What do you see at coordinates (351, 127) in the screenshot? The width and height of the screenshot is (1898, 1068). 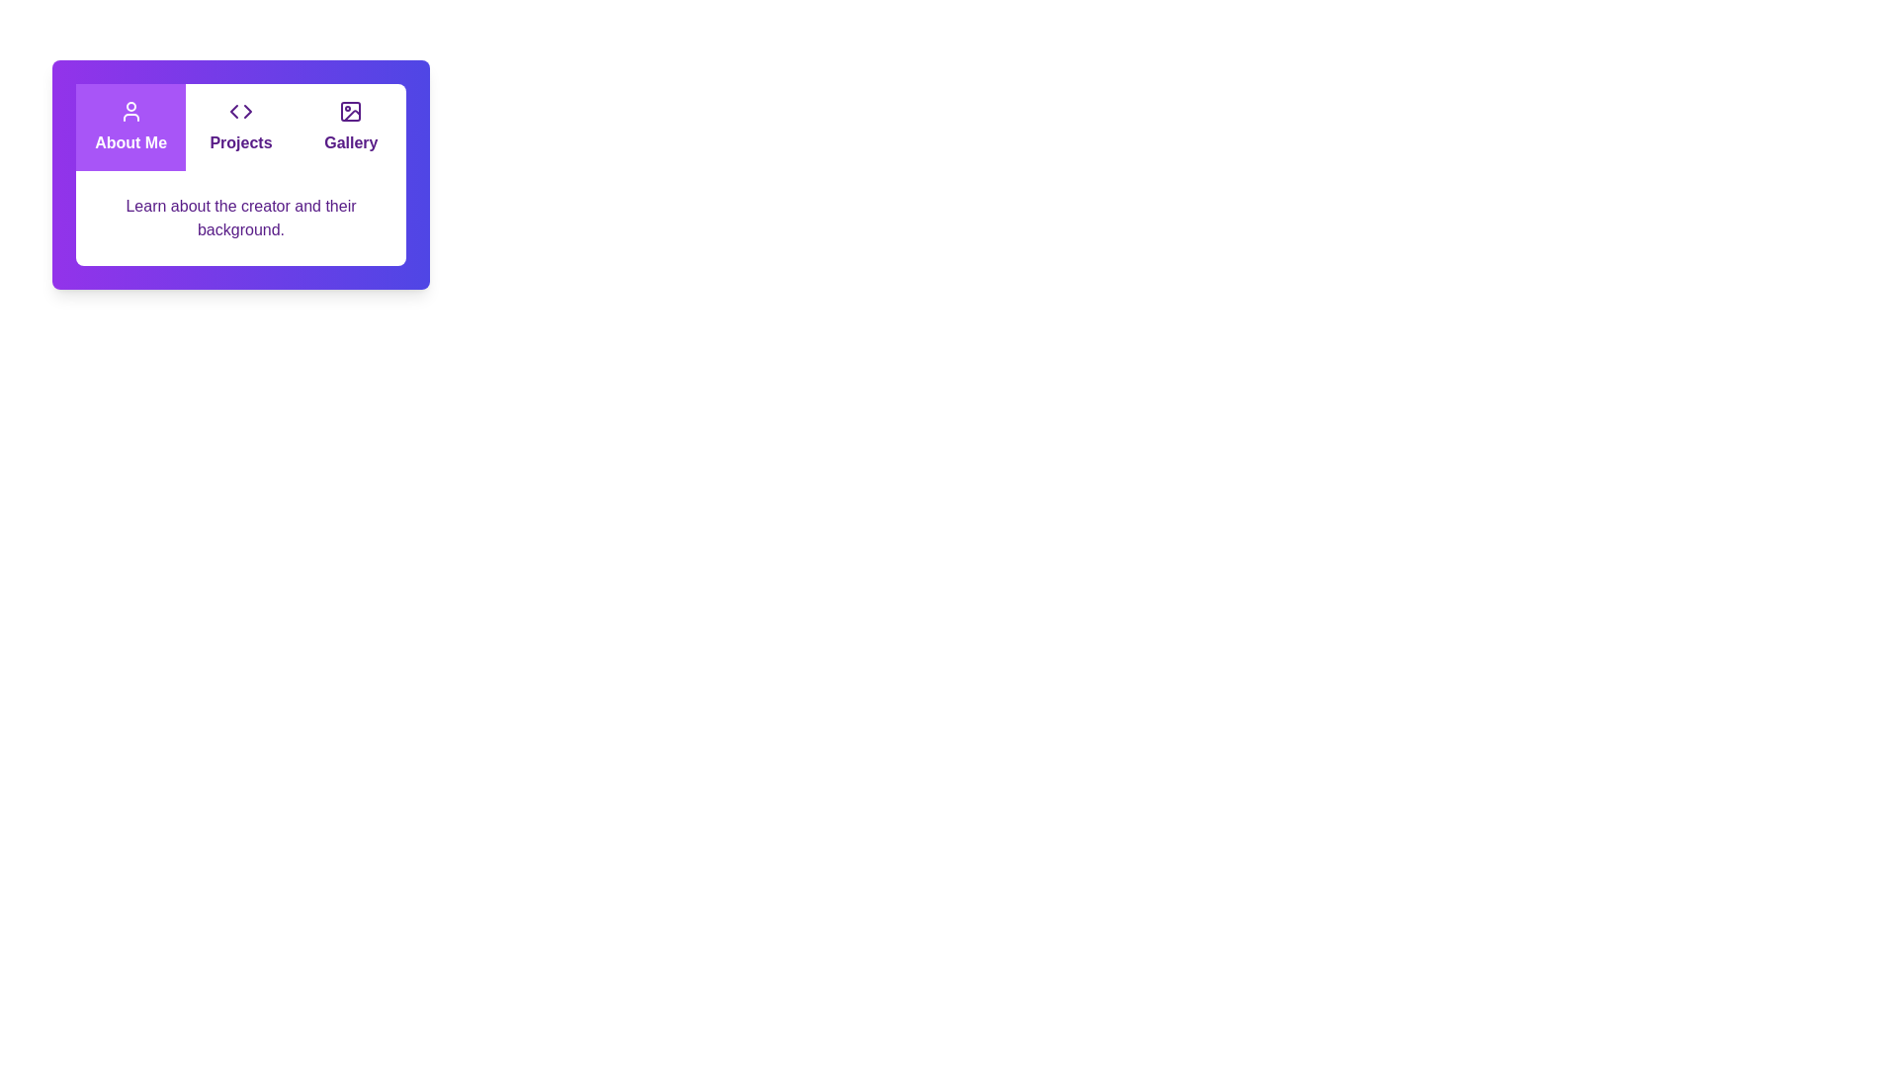 I see `the tab labeled Gallery` at bounding box center [351, 127].